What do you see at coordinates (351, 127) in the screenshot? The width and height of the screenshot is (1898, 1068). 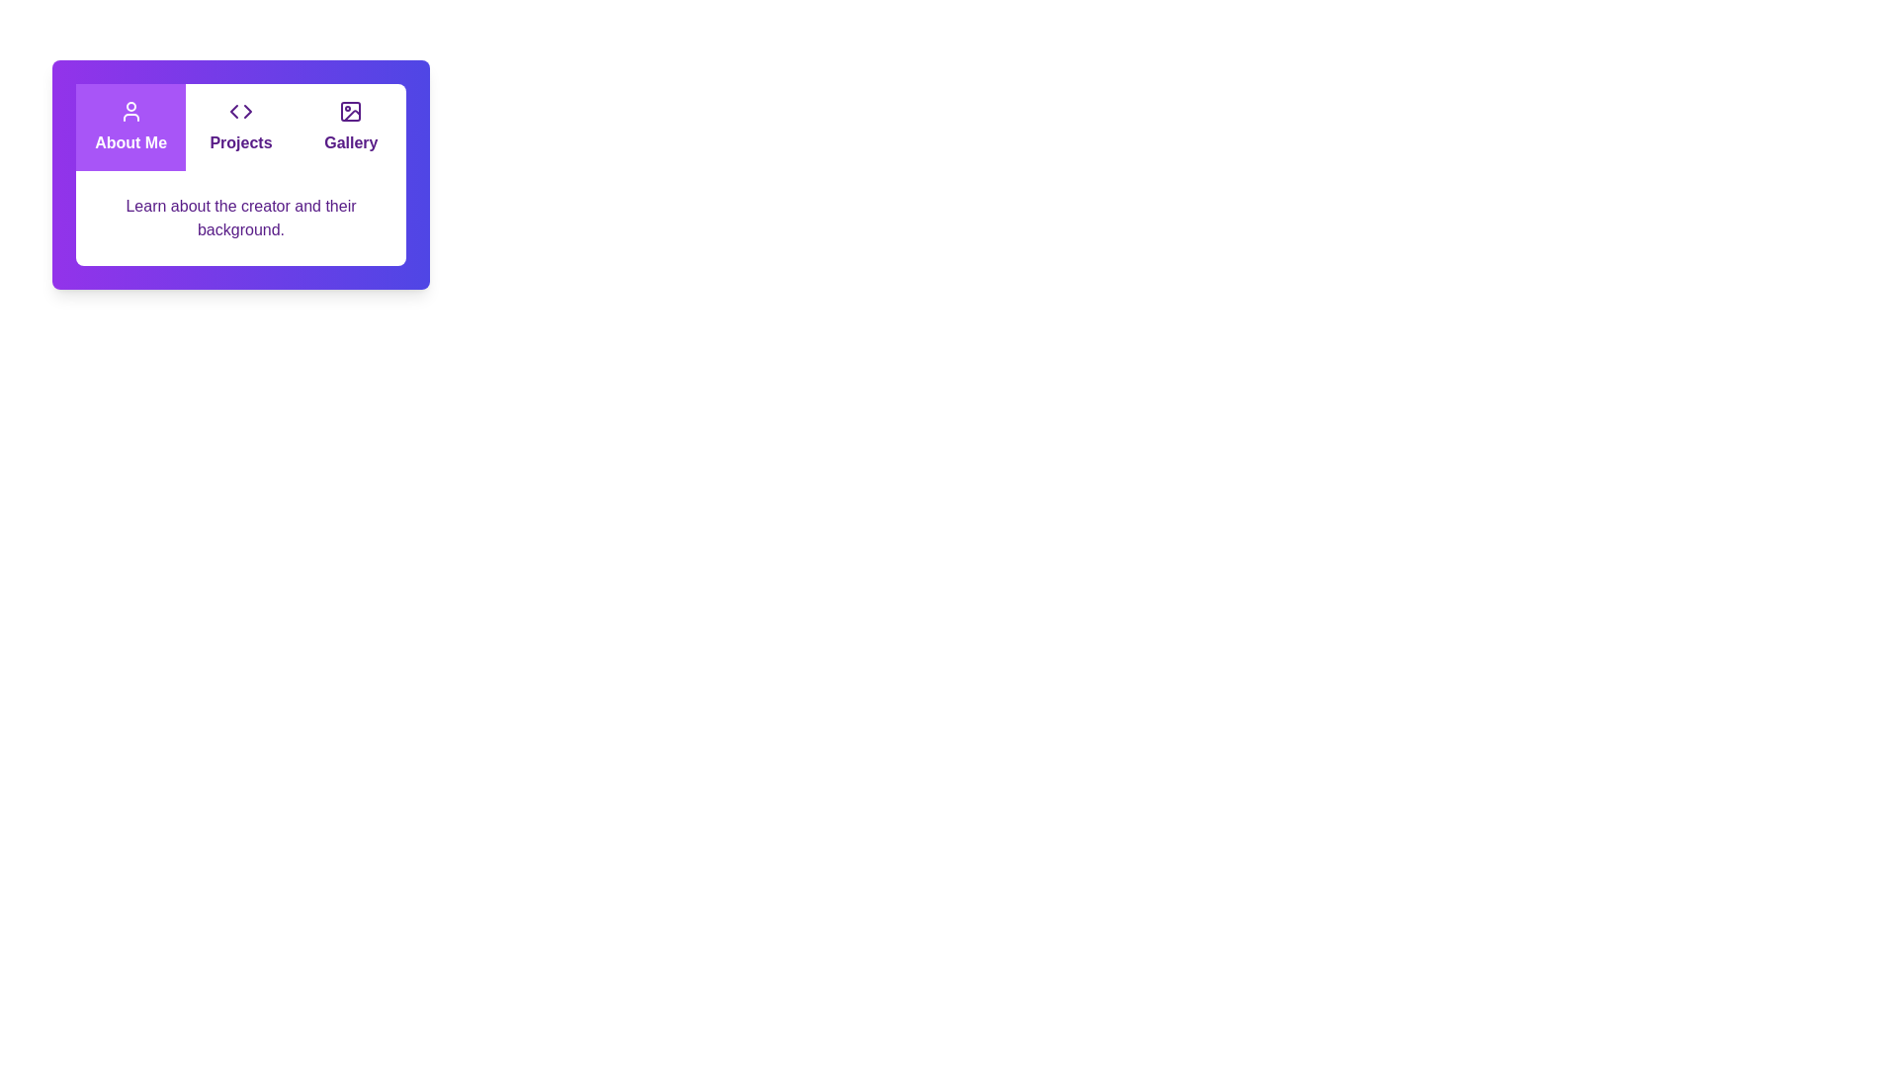 I see `the tab labeled Gallery` at bounding box center [351, 127].